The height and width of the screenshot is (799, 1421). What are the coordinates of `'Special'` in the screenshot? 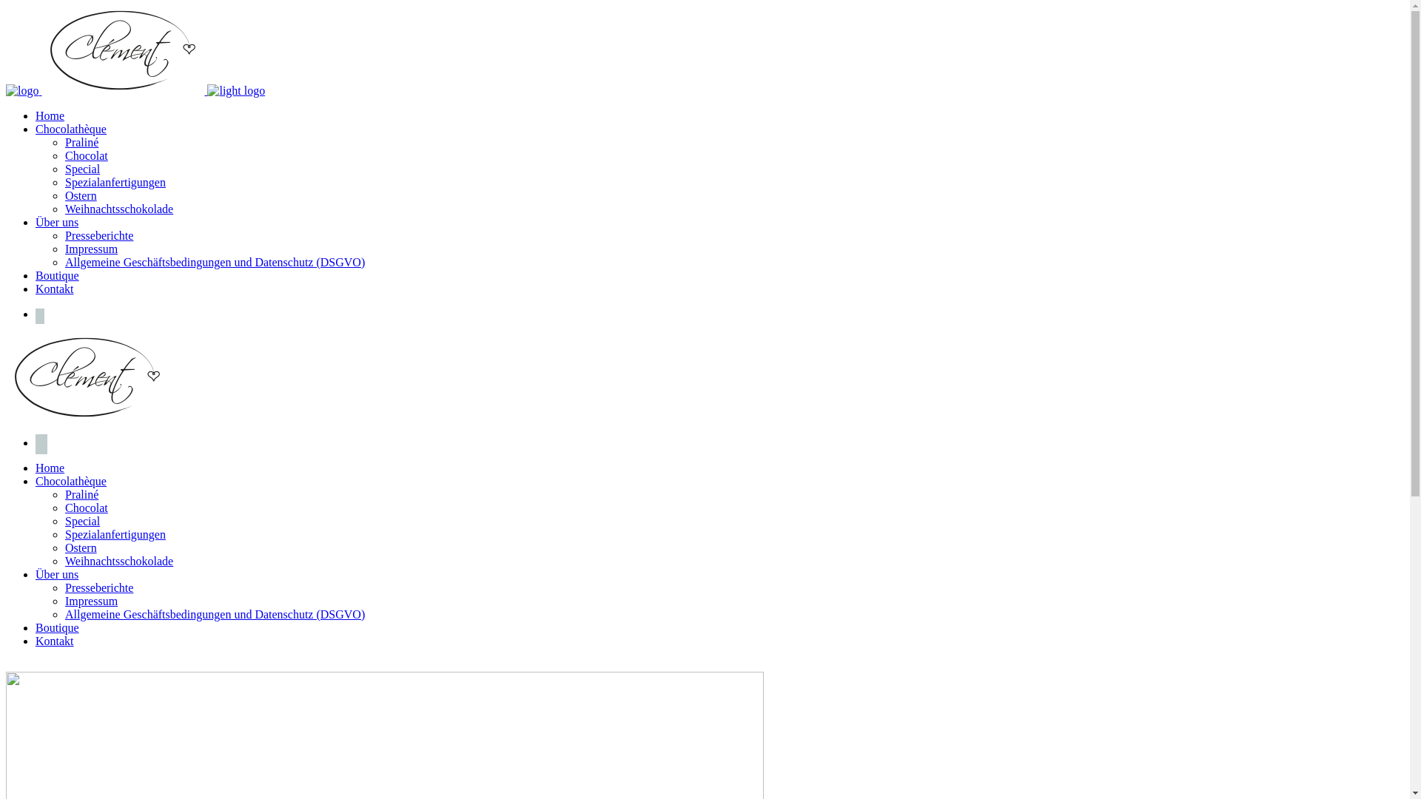 It's located at (81, 168).